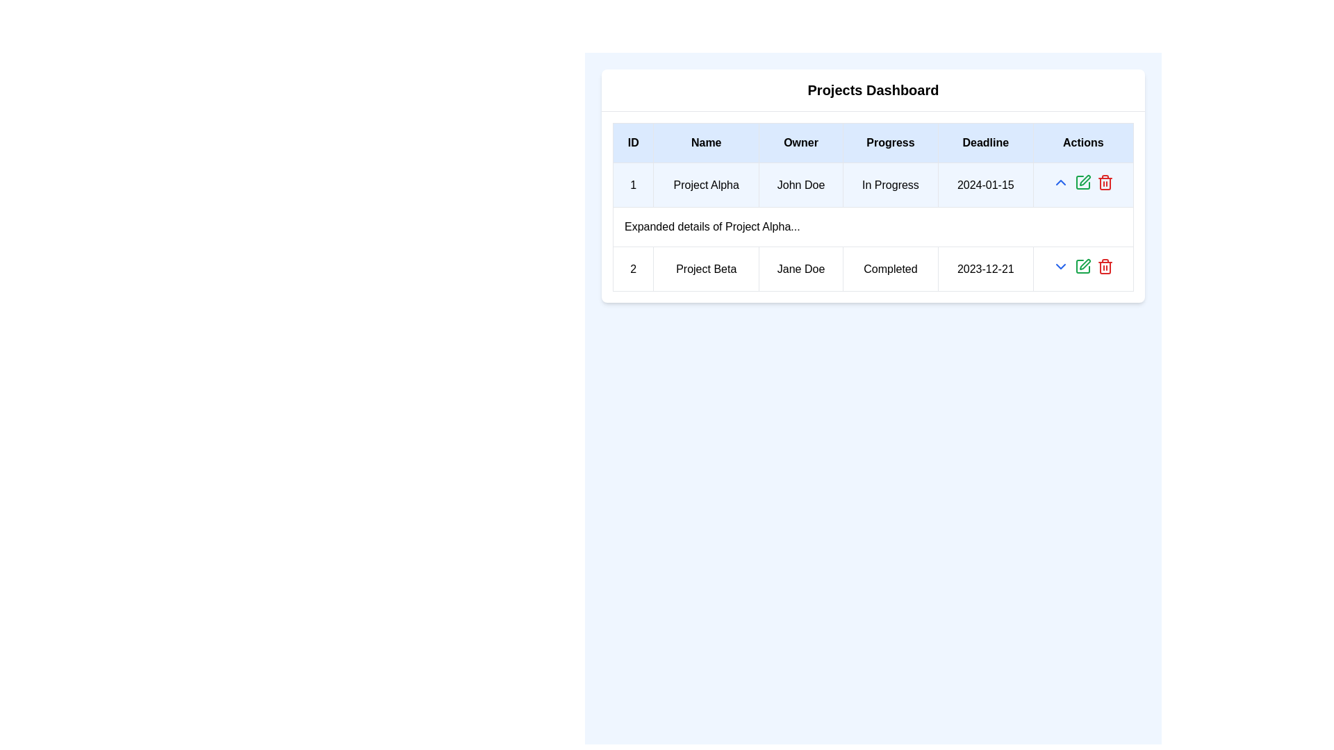  I want to click on the dropdown toggler button located in the 'Actions' column of the second row in the table, positioned between the green pencil icon and the red trash bin icon, so click(1060, 267).